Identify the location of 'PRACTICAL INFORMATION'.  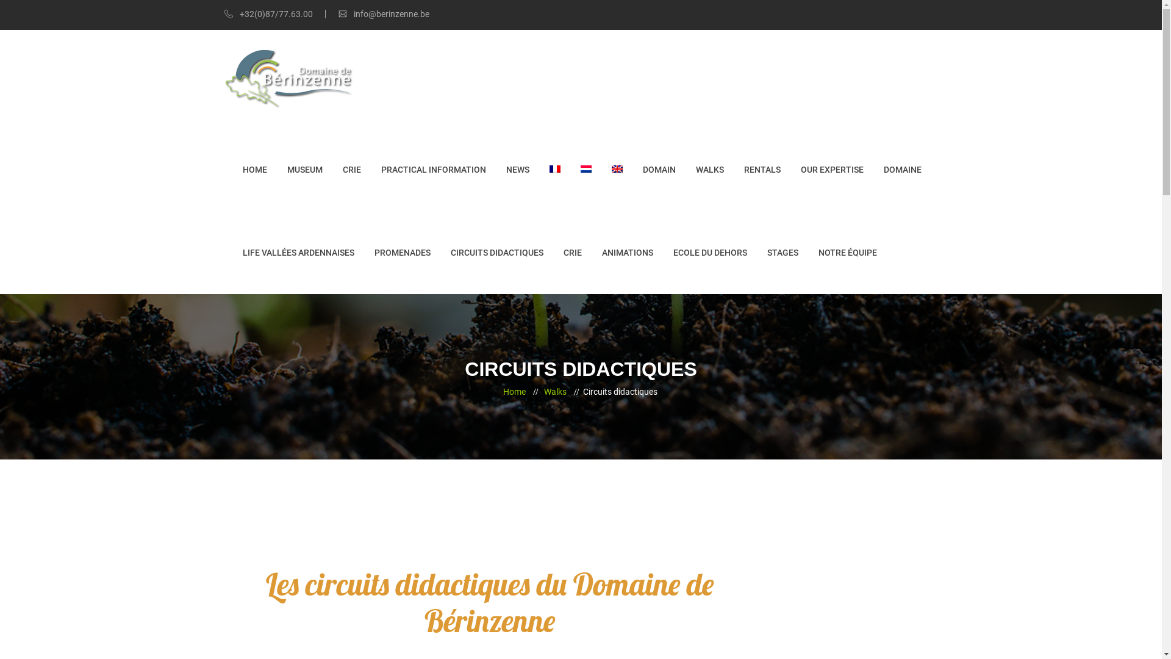
(380, 169).